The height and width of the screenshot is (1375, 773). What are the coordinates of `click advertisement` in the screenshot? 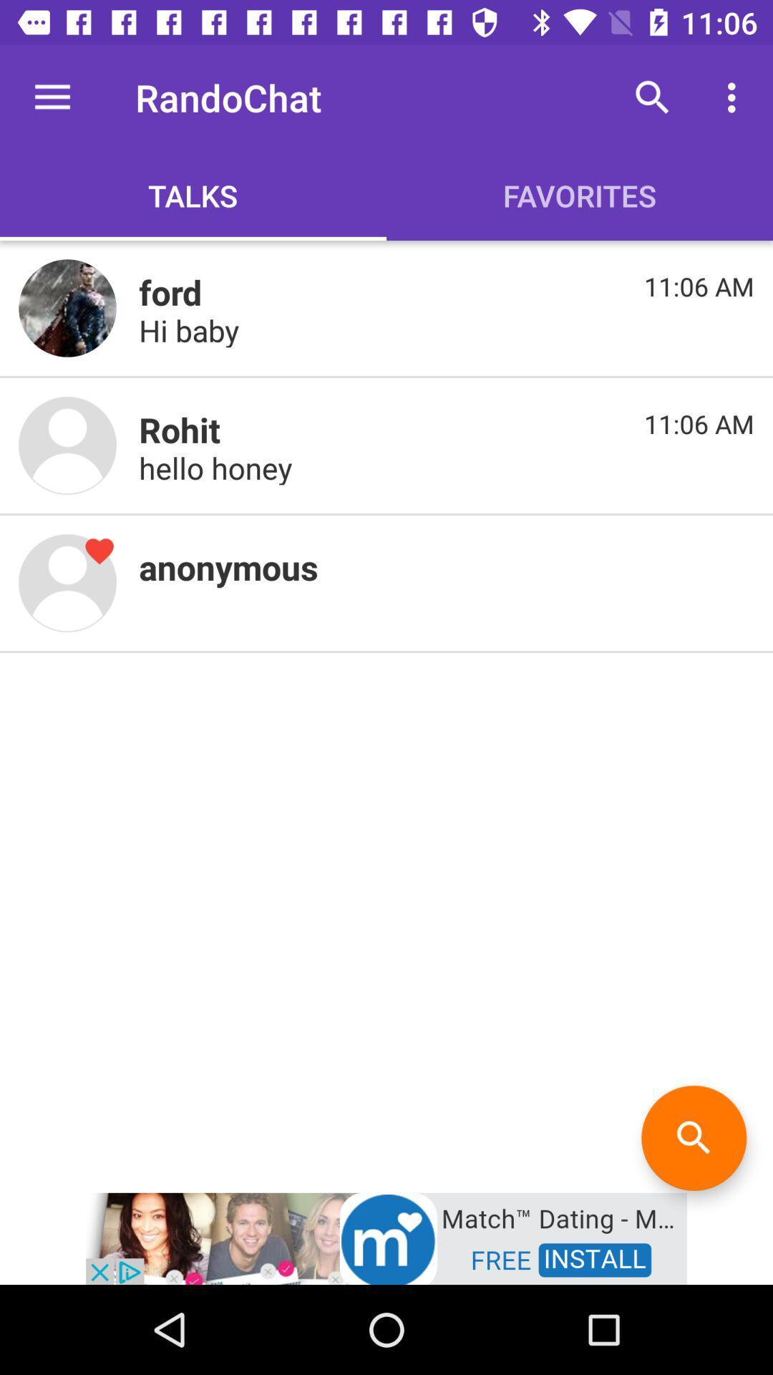 It's located at (386, 1237).